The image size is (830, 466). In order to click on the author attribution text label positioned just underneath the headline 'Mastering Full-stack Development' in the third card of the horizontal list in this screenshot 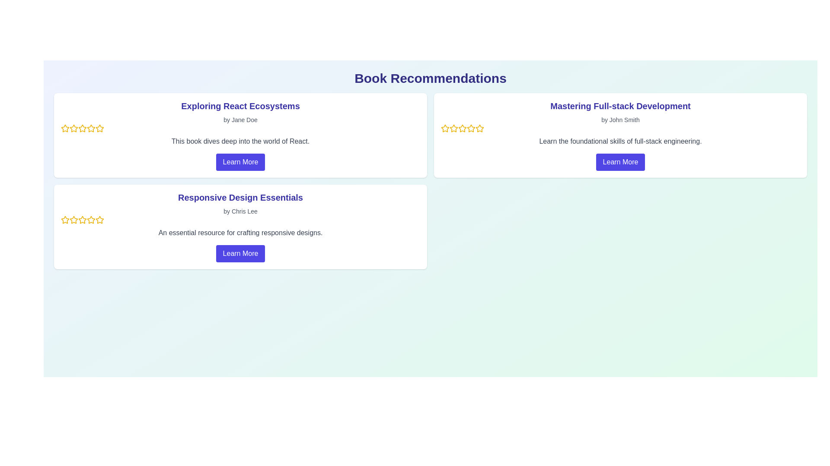, I will do `click(620, 120)`.